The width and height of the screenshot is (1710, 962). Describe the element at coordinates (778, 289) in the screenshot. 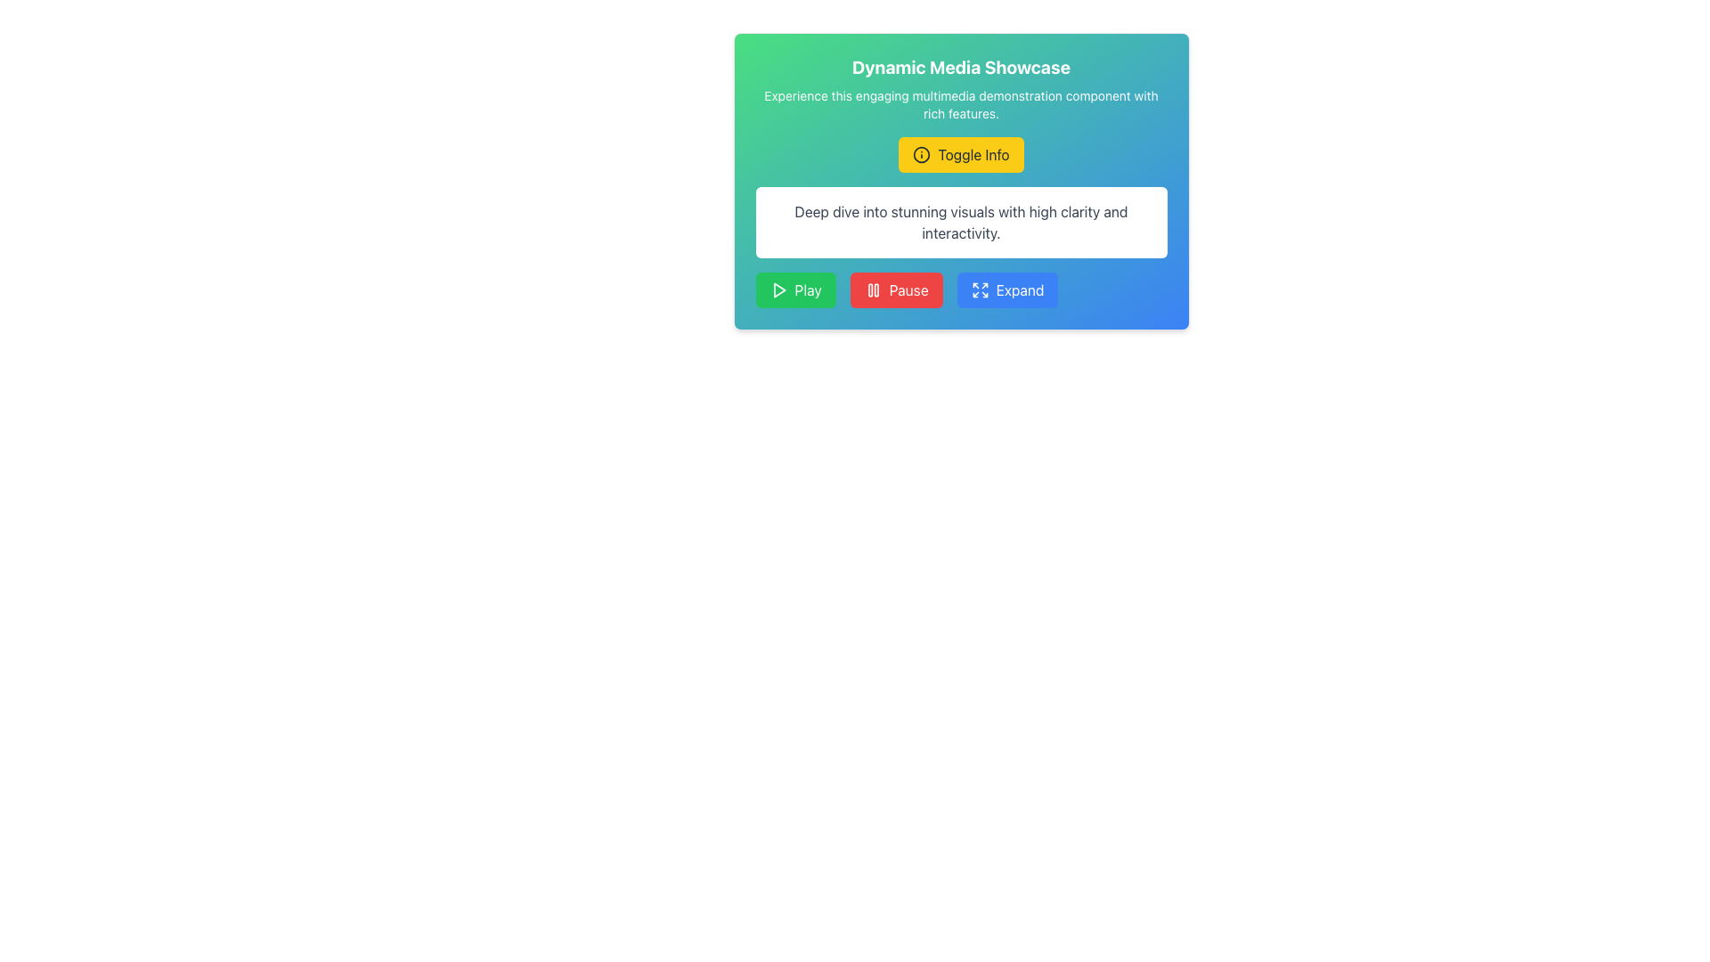

I see `the green rectangular button labeled 'Play' that contains the triangular play icon with a white border` at that location.